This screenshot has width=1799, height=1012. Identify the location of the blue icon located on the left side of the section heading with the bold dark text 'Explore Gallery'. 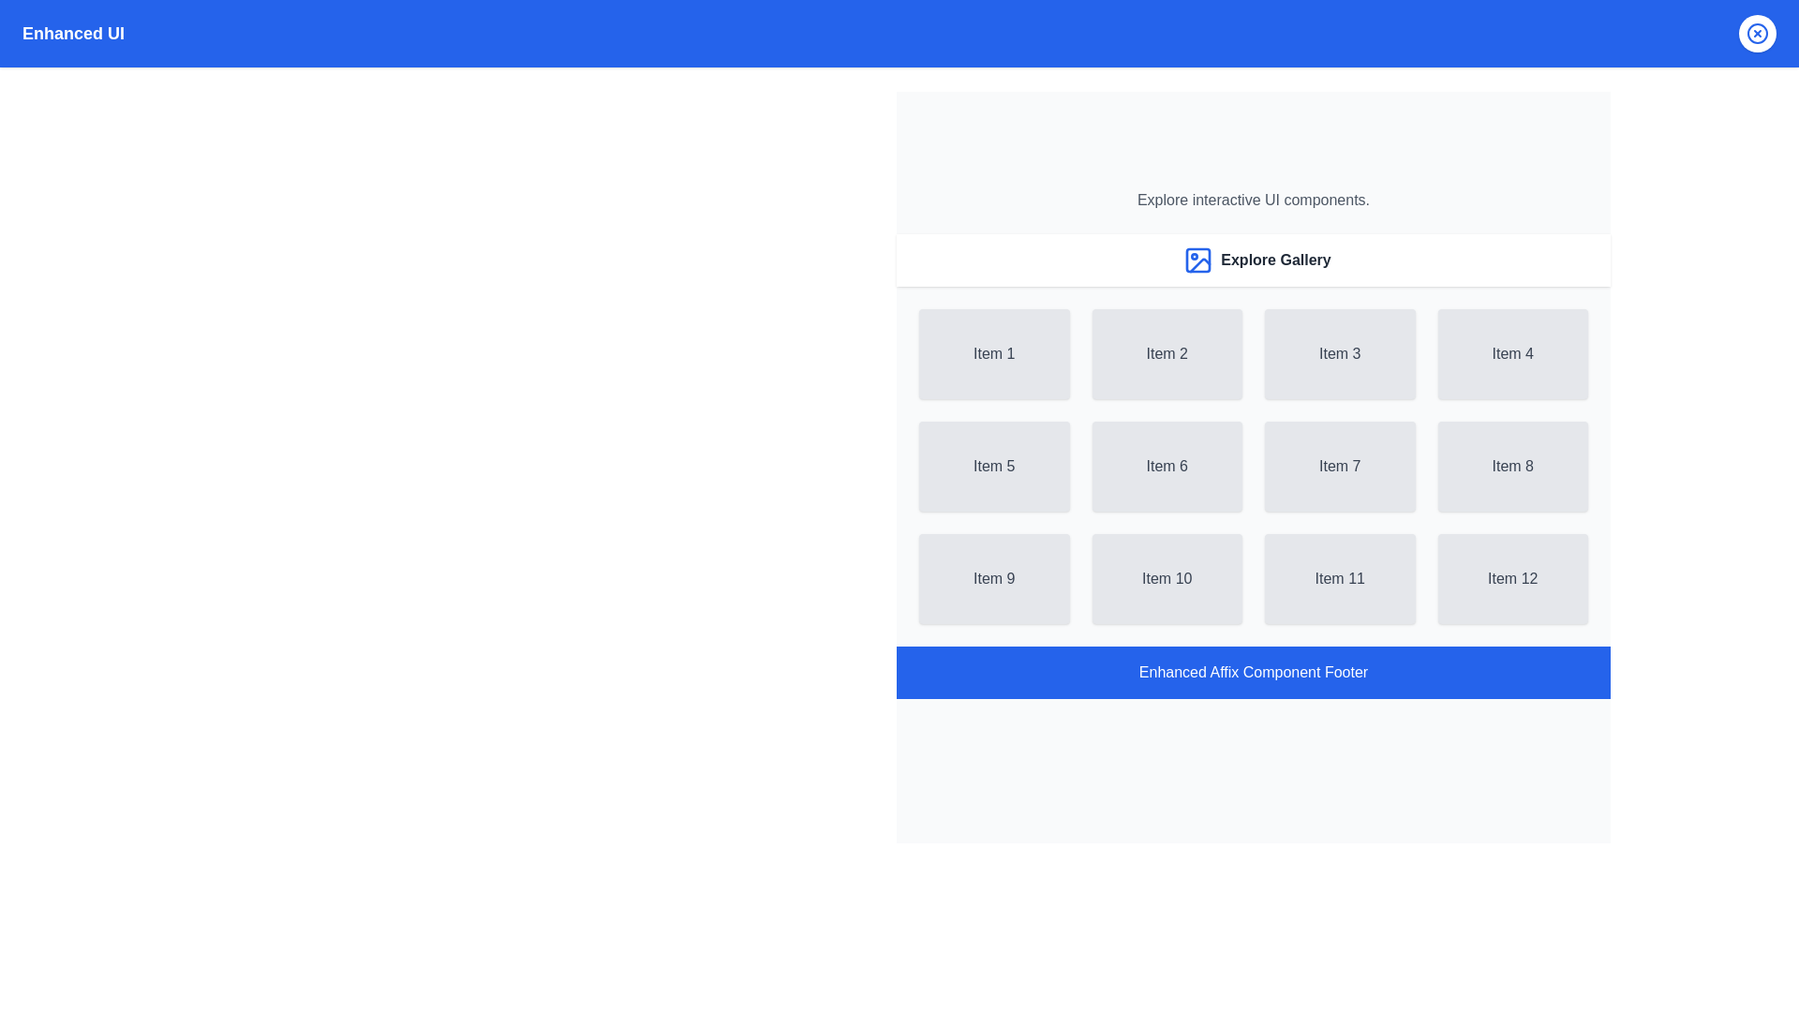
(1254, 260).